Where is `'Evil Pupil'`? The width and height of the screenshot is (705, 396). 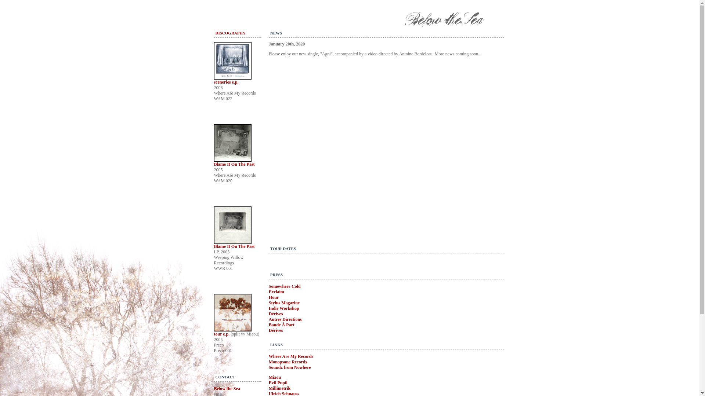
'Evil Pupil' is located at coordinates (278, 382).